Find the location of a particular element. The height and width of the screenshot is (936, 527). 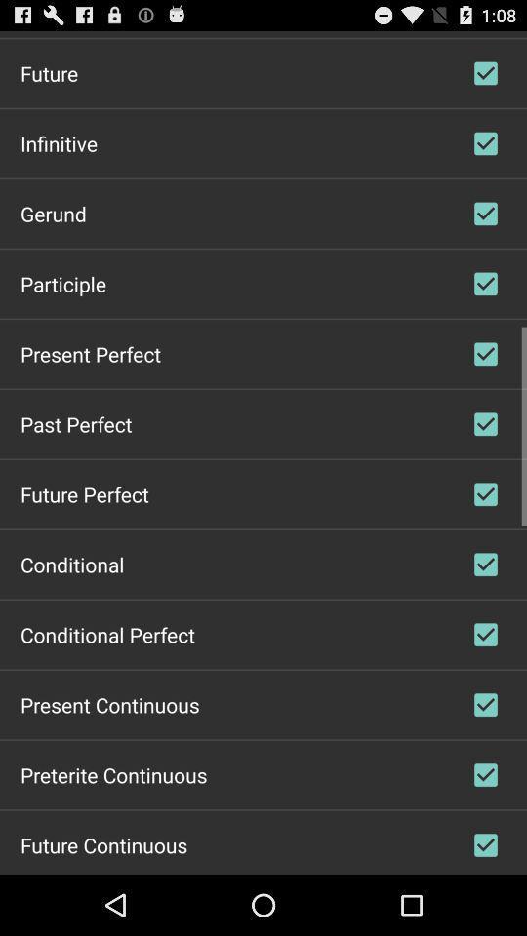

future perfect app is located at coordinates (83, 492).